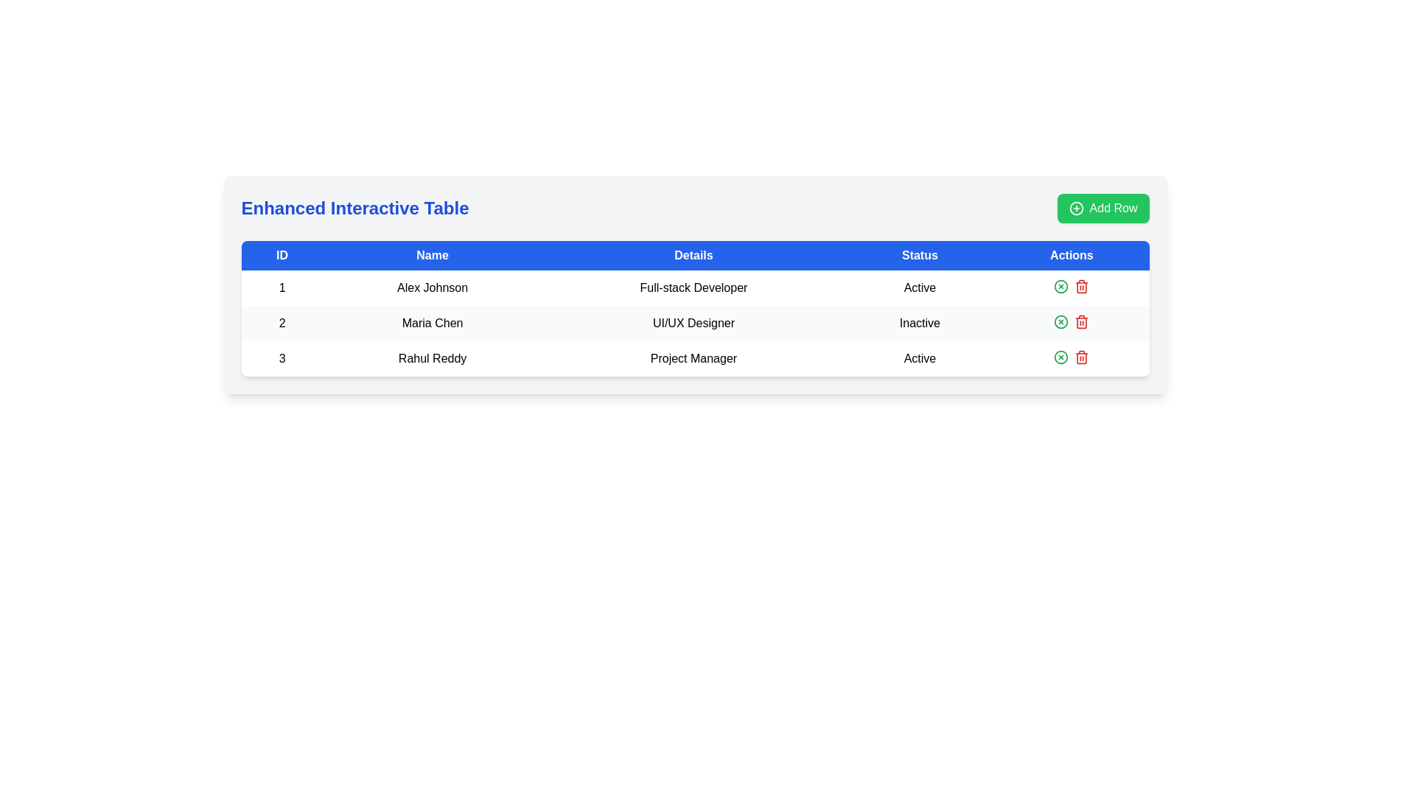 The height and width of the screenshot is (796, 1415). I want to click on the Static Table Header at the top of the table which contains the sections 'ID', 'Name', 'Details', 'Status', and 'Actions', so click(694, 255).